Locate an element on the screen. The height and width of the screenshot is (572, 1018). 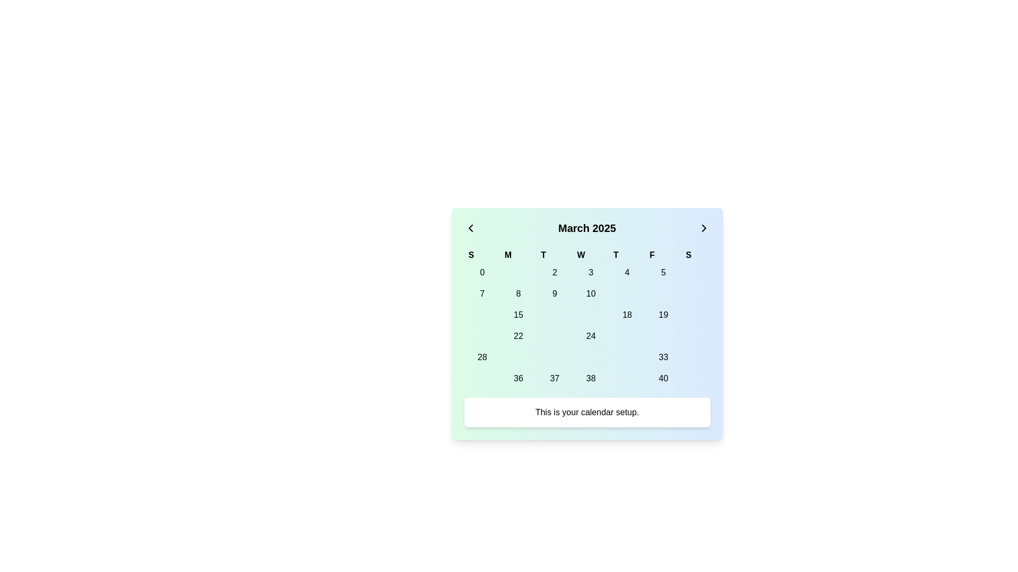
the small, dark-colored circular visual marker that represents a specific day in the calendar interface, located at the fourth position in its row is located at coordinates (590, 314).